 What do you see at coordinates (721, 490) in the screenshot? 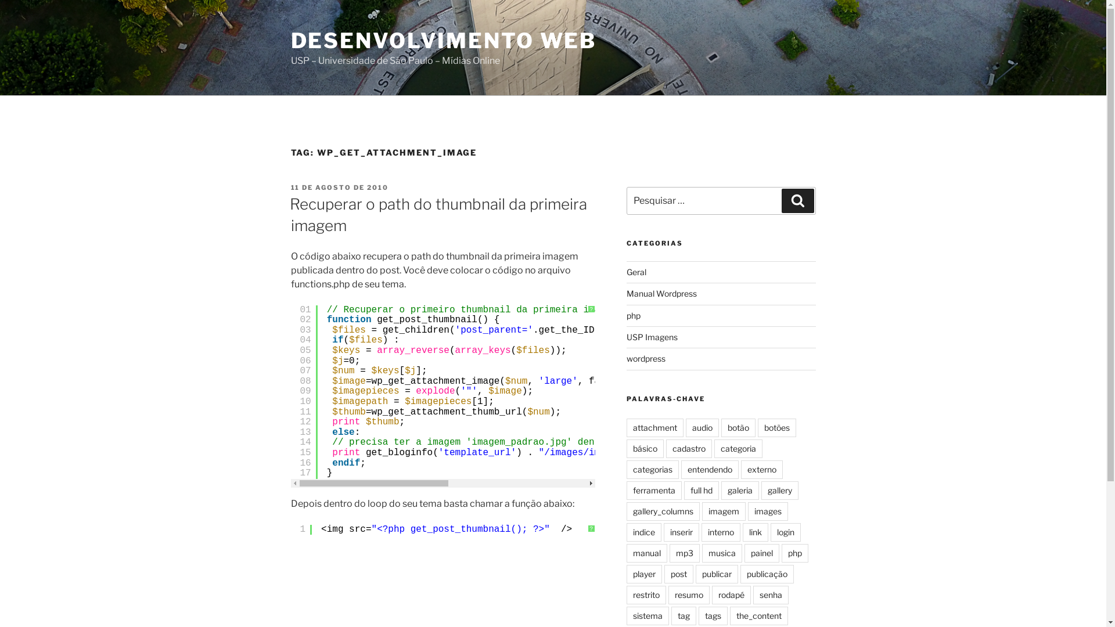
I see `'galeria'` at bounding box center [721, 490].